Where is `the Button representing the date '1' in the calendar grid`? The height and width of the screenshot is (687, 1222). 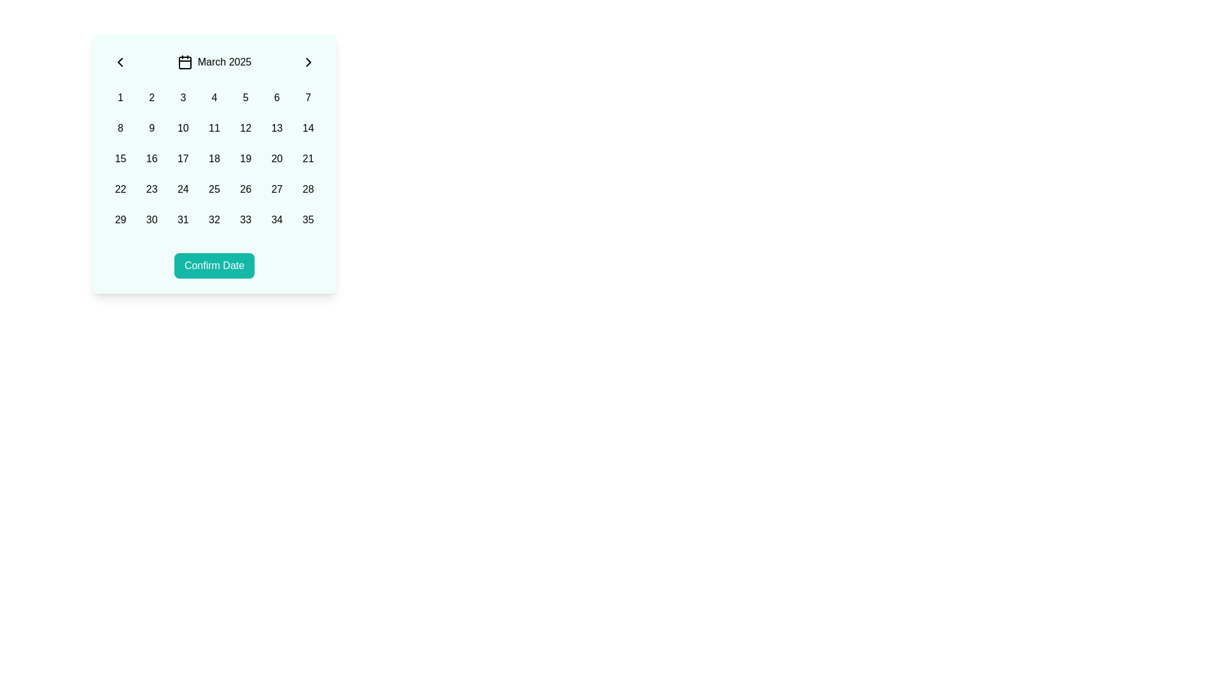
the Button representing the date '1' in the calendar grid is located at coordinates (120, 97).